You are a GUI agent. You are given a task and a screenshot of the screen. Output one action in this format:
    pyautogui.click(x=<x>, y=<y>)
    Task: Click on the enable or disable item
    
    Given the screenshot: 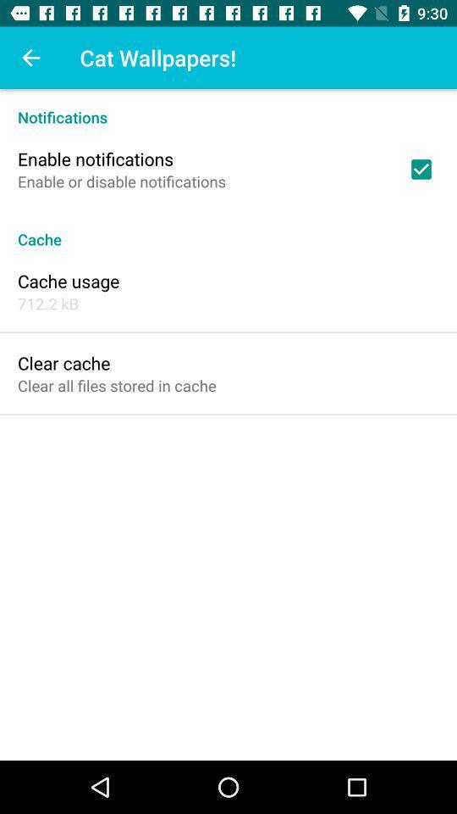 What is the action you would take?
    pyautogui.click(x=121, y=181)
    